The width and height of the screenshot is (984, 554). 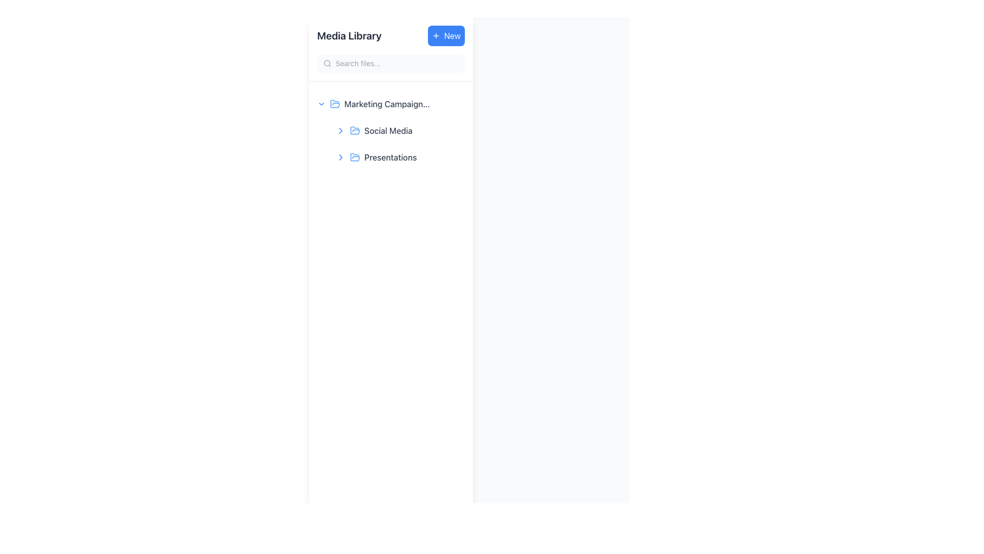 What do you see at coordinates (446, 35) in the screenshot?
I see `the blue button with rounded corners labeled 'New' to observe the hover effect` at bounding box center [446, 35].